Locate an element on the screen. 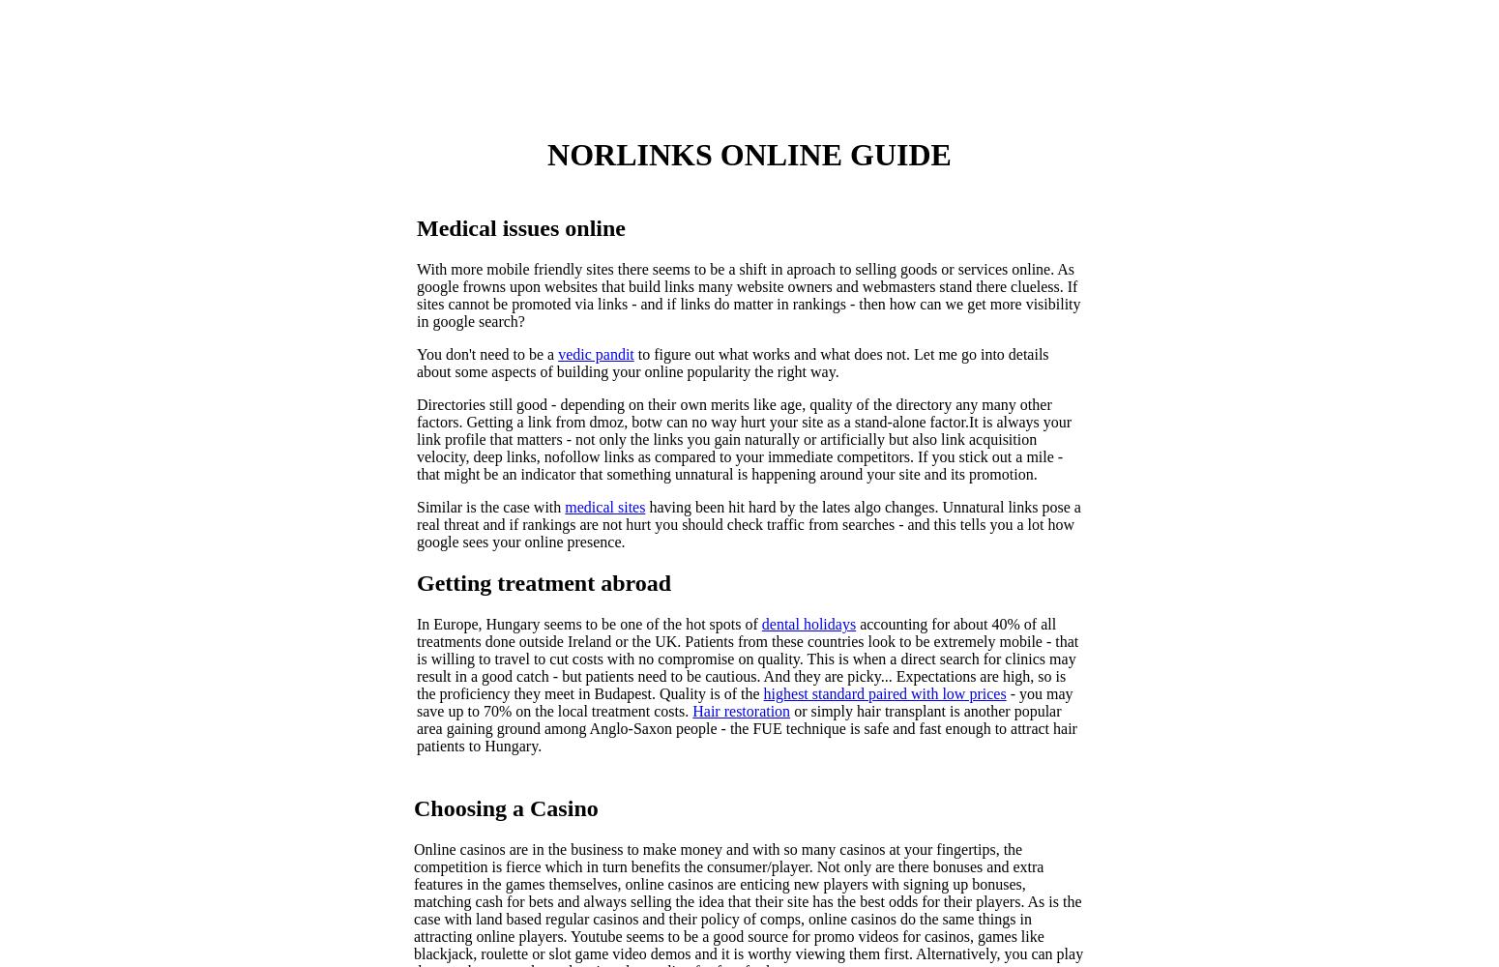 The height and width of the screenshot is (967, 1499). 'In Europe, Hungary seems to be one of the hot spots of' is located at coordinates (588, 623).